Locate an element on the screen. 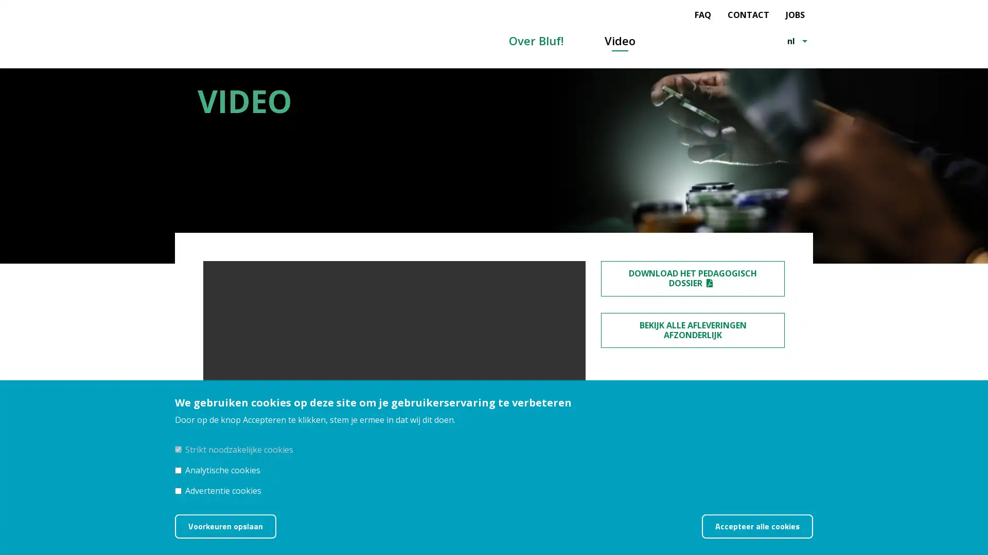  Voorkeuren opslaan is located at coordinates (225, 526).